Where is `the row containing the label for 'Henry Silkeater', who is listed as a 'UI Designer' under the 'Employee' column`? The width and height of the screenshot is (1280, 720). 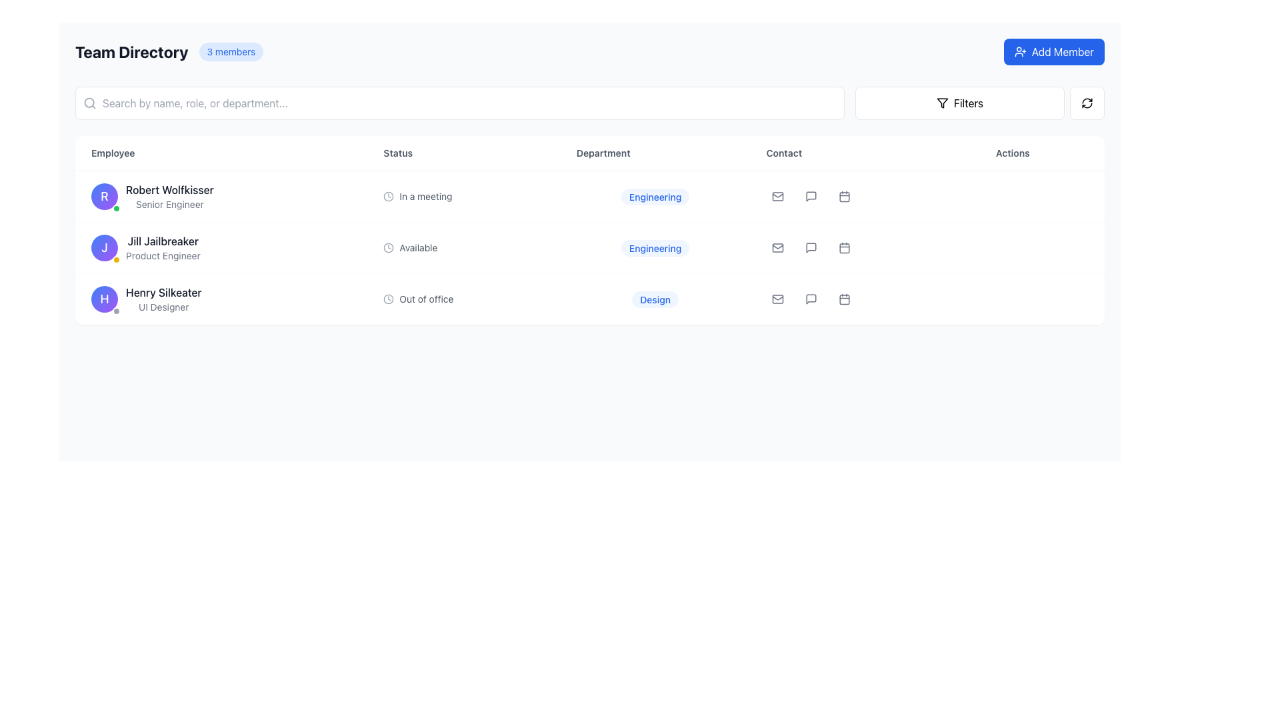
the row containing the label for 'Henry Silkeater', who is listed as a 'UI Designer' under the 'Employee' column is located at coordinates (163, 298).